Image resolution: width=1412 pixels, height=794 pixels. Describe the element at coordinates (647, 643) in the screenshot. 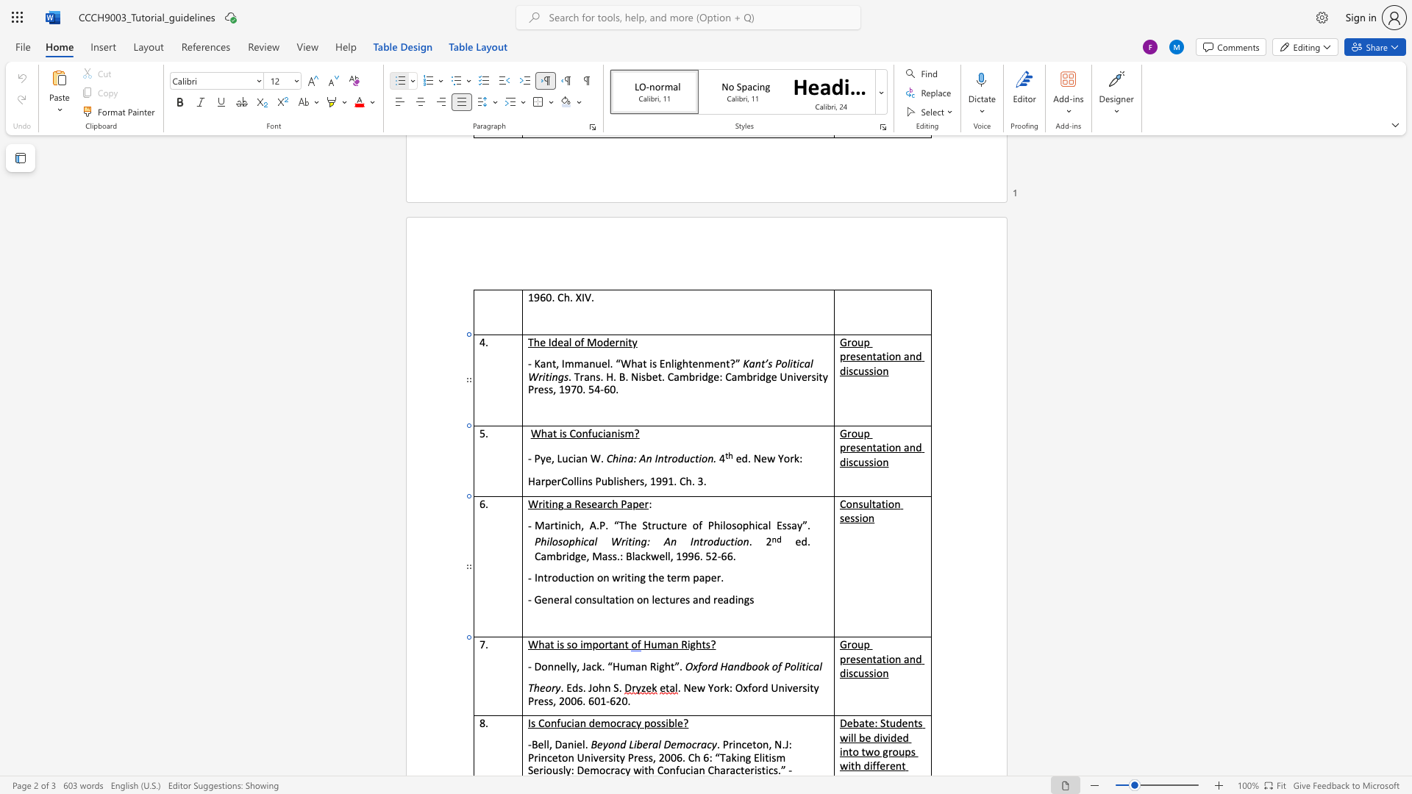

I see `the 1th character "H" in the text` at that location.